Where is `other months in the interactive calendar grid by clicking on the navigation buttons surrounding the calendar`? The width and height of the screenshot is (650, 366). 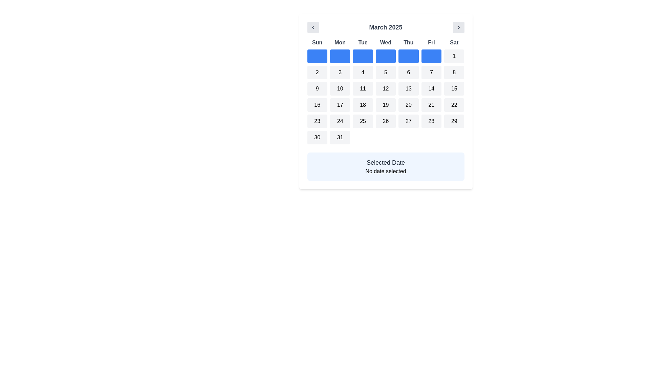 other months in the interactive calendar grid by clicking on the navigation buttons surrounding the calendar is located at coordinates (386, 91).